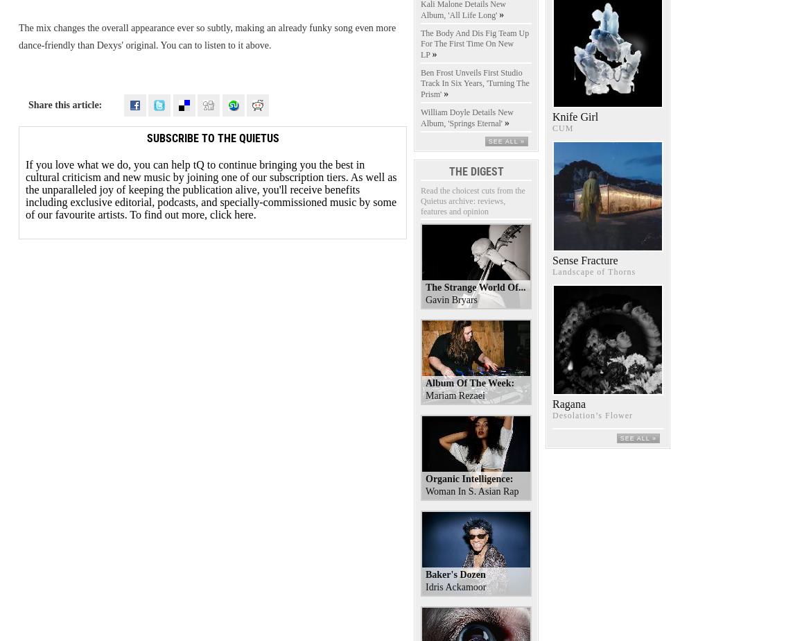 Image resolution: width=802 pixels, height=641 pixels. What do you see at coordinates (420, 43) in the screenshot?
I see `'The Body And Dis Fig Team Up For The First Time On New LP'` at bounding box center [420, 43].